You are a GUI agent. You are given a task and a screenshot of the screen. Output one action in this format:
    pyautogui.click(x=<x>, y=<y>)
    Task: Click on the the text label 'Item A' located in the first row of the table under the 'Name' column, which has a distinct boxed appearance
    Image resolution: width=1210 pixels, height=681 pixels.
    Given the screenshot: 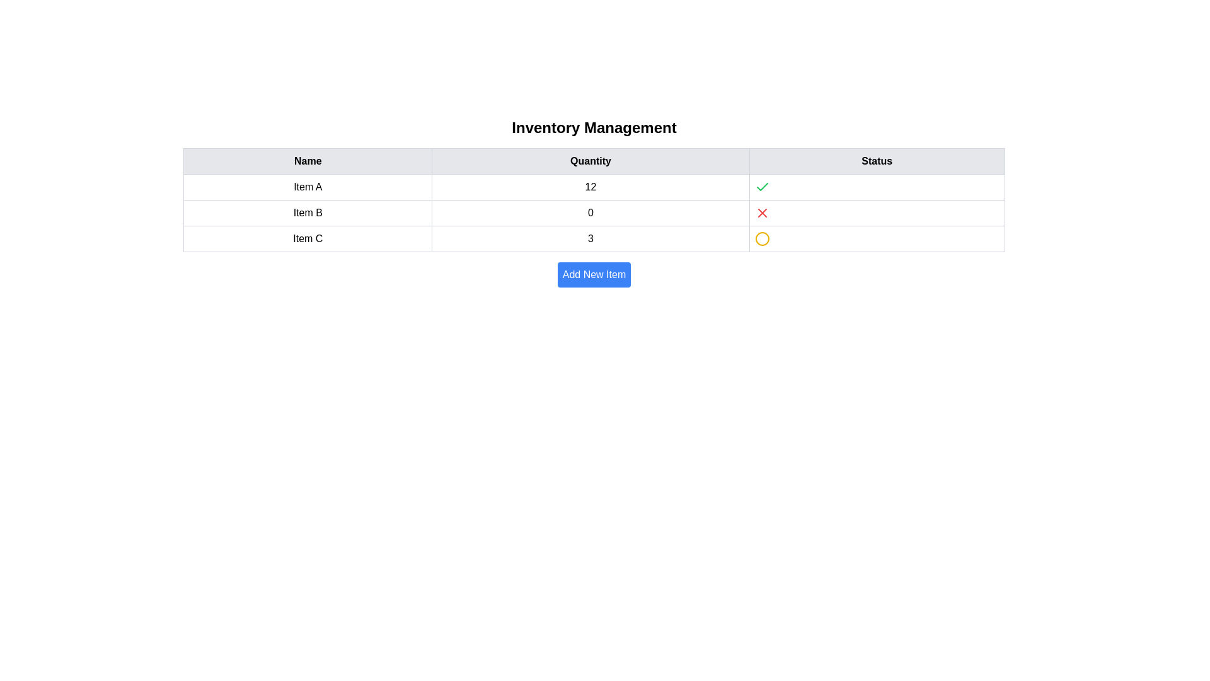 What is the action you would take?
    pyautogui.click(x=308, y=187)
    